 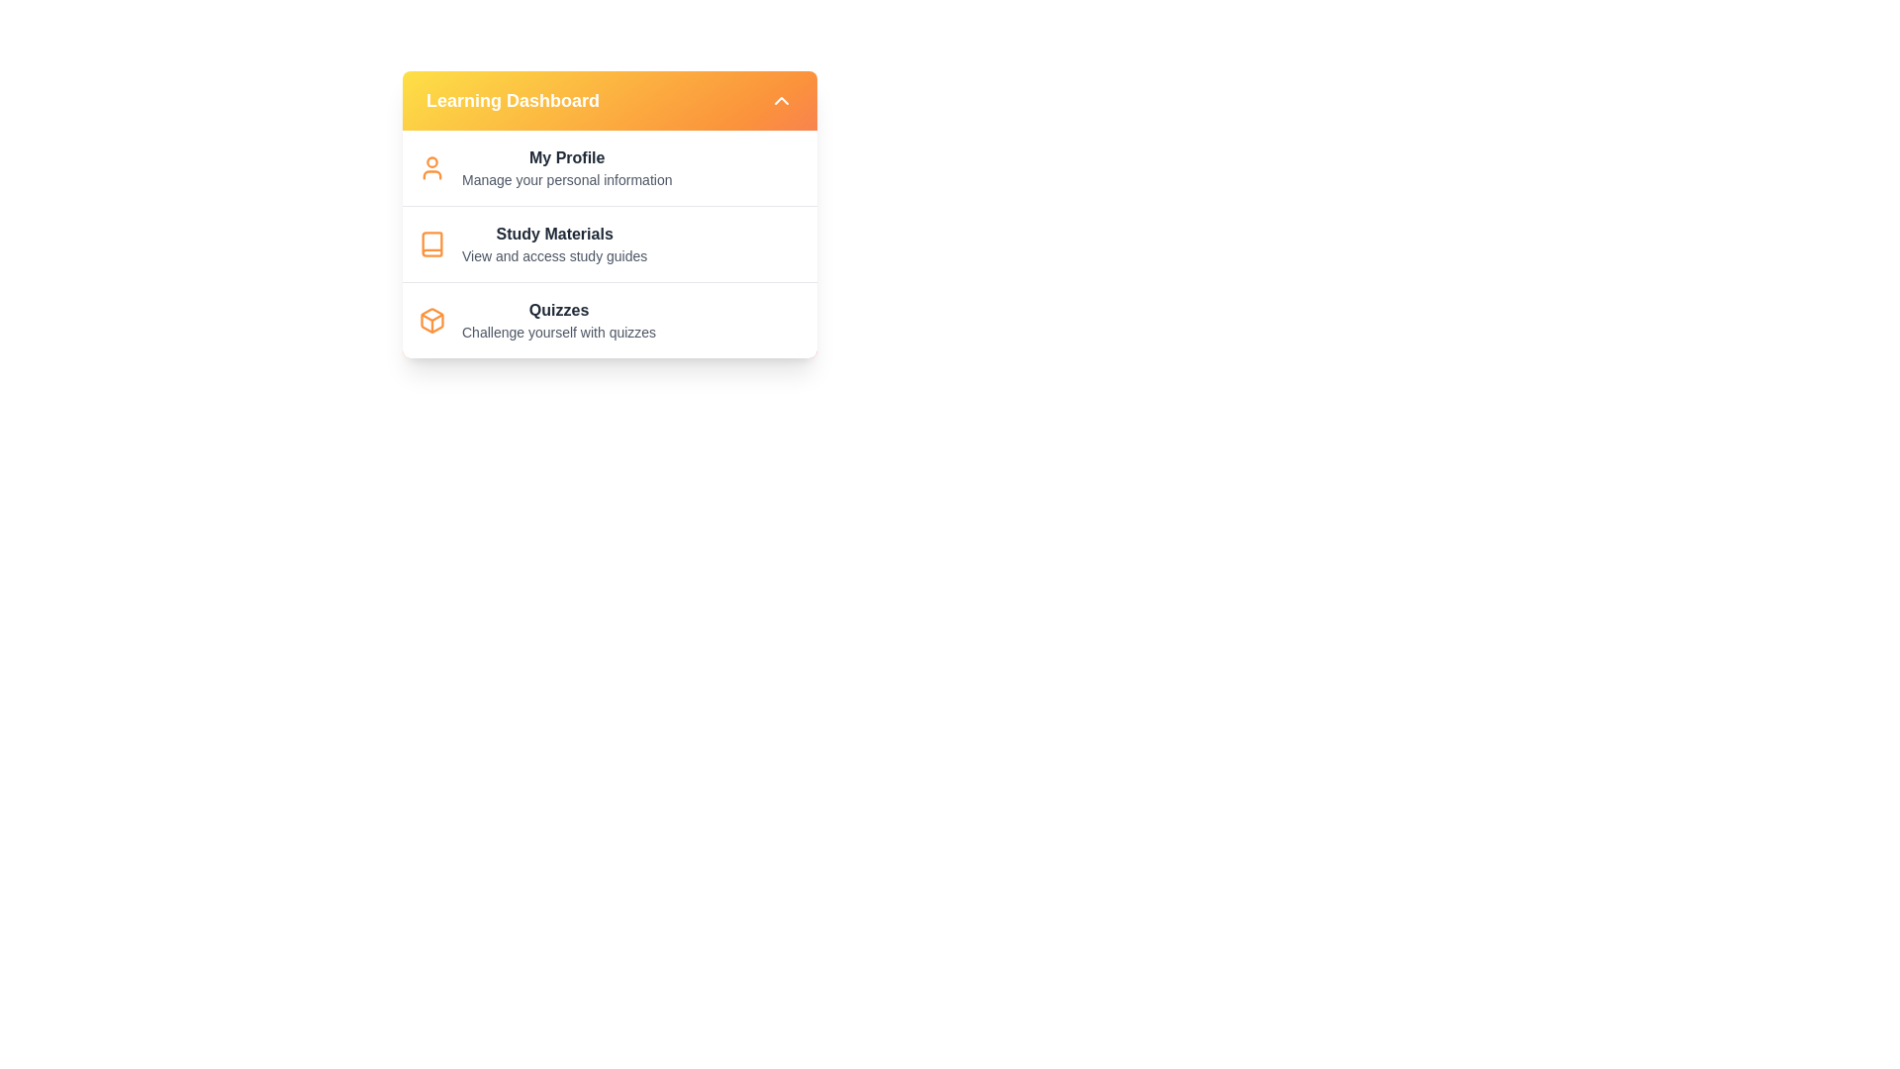 I want to click on the menu item My Profile from the LearningMenu, so click(x=565, y=166).